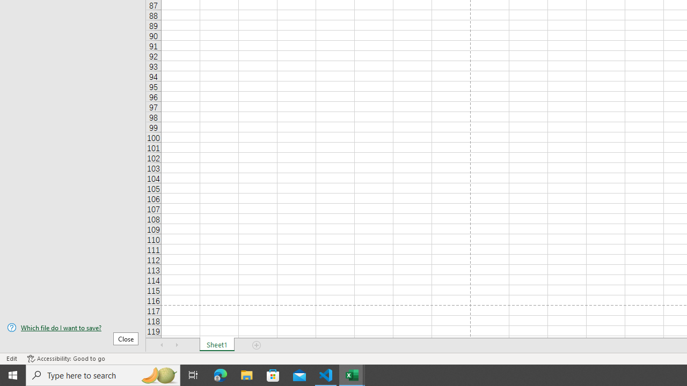 The height and width of the screenshot is (386, 687). Describe the element at coordinates (177, 345) in the screenshot. I see `'Scroll Right'` at that location.